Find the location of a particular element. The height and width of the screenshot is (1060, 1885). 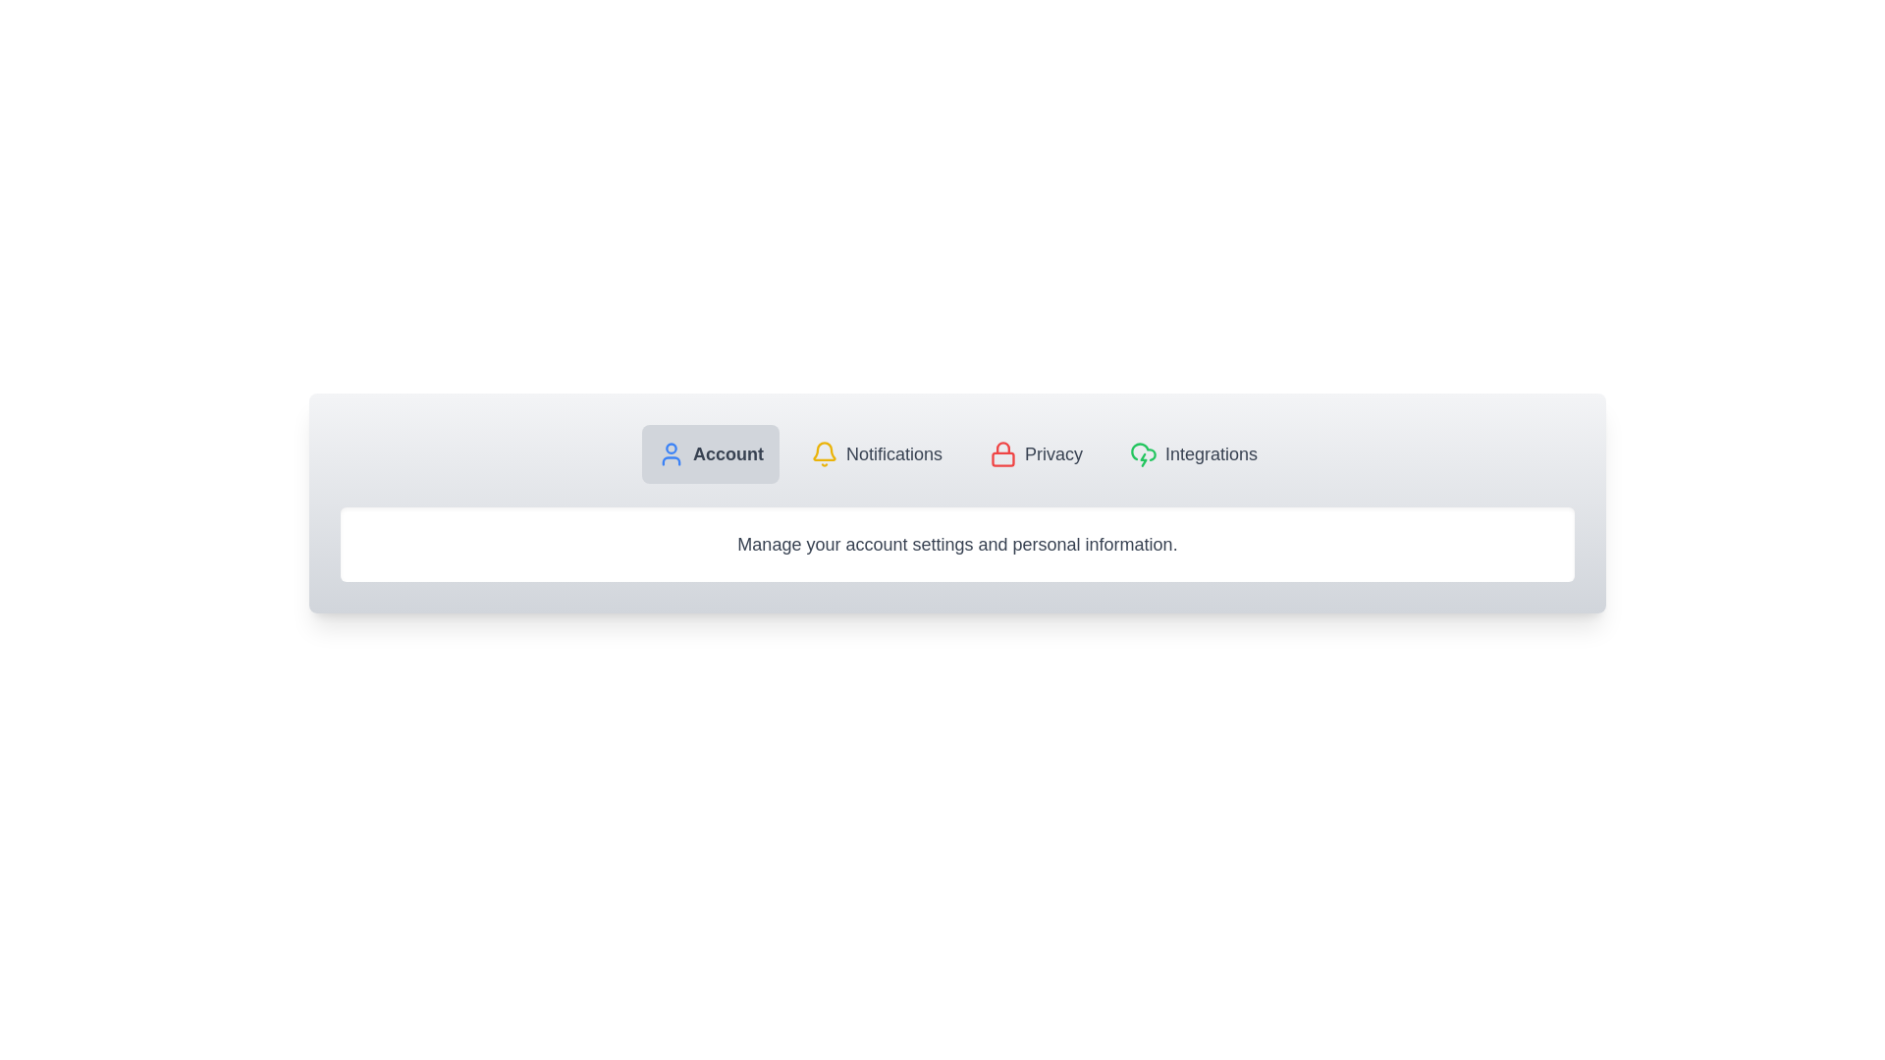

the upper part of the notification bell icon located in the 'Notifications' tab, which signifies incoming notifications is located at coordinates (825, 451).